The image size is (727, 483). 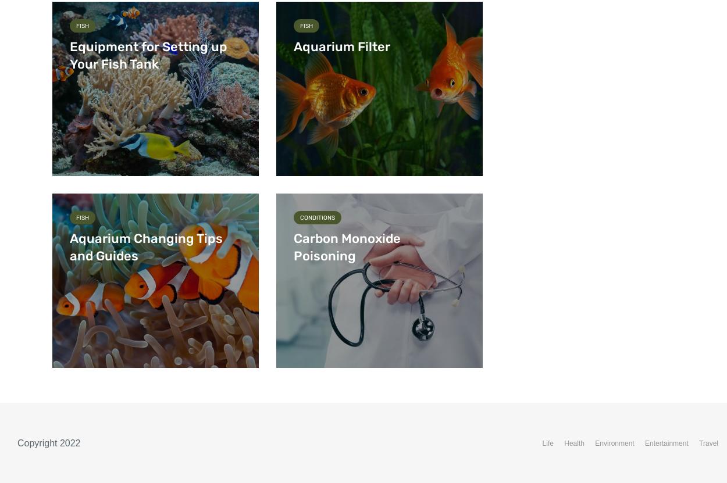 I want to click on 'Entertainment', so click(x=644, y=443).